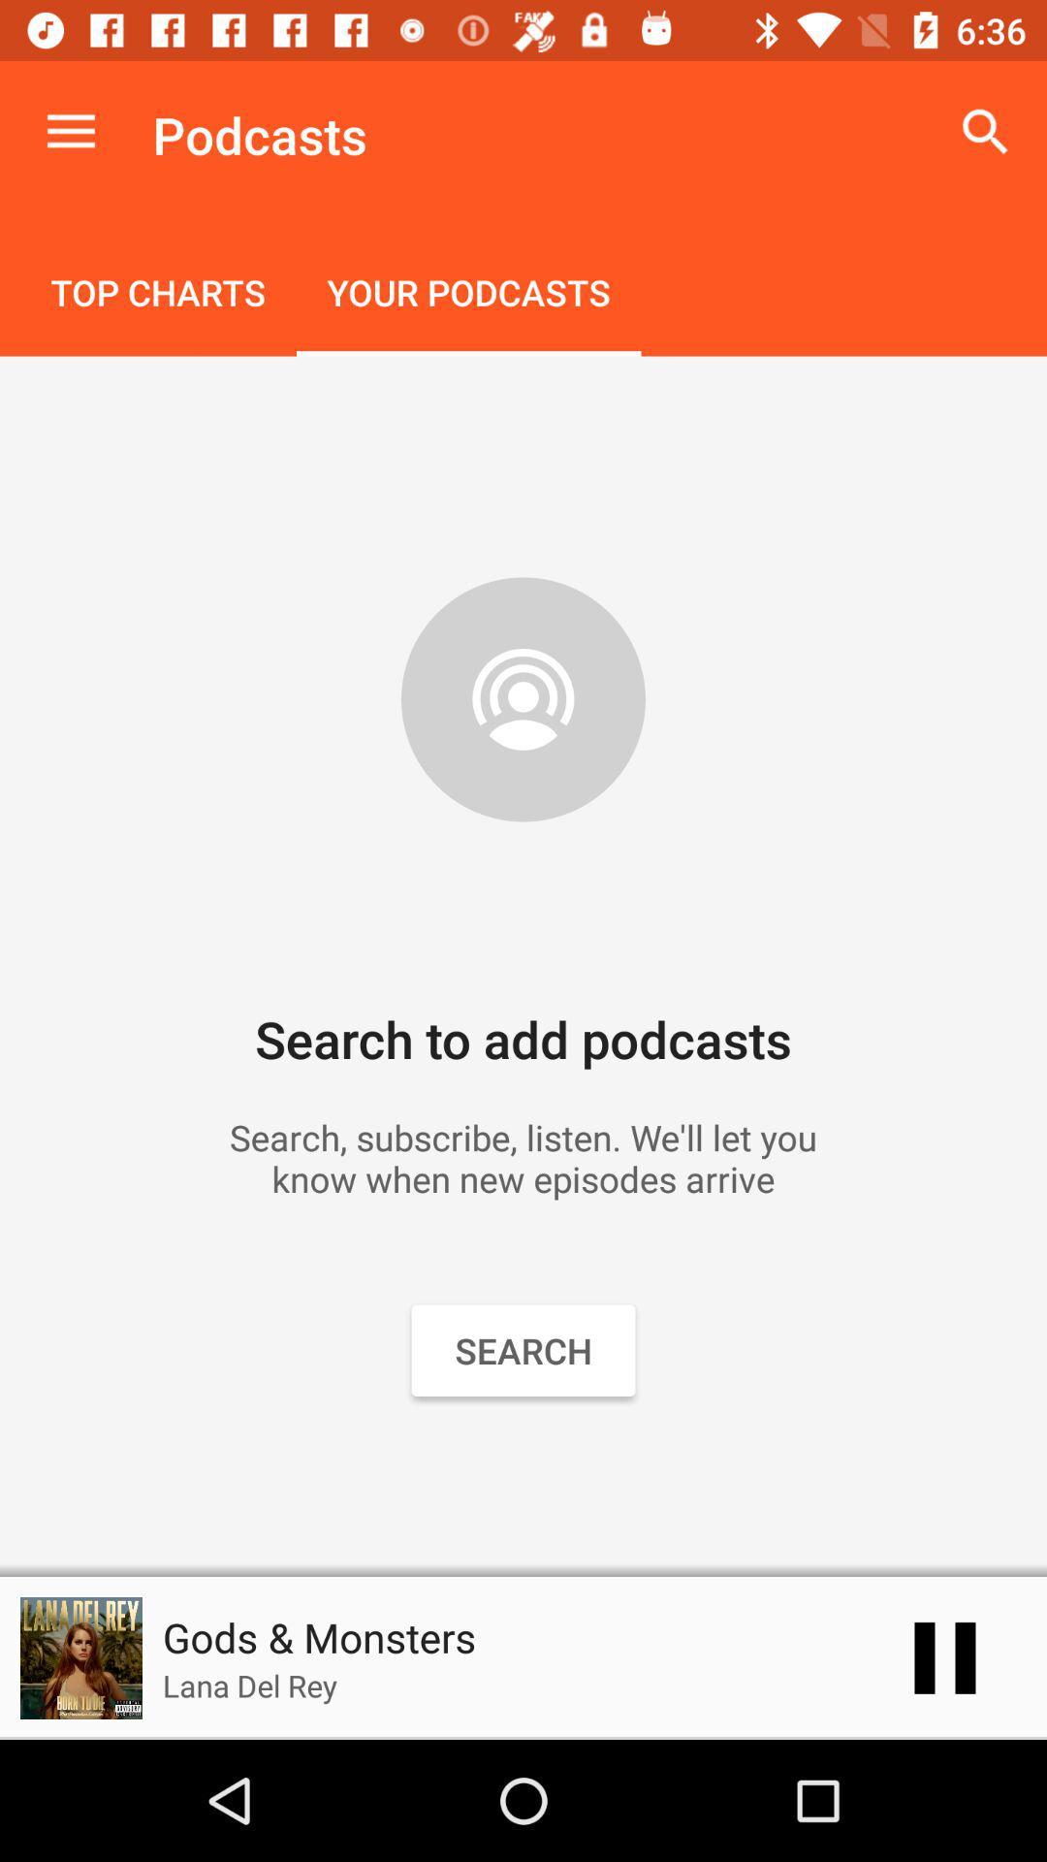 This screenshot has width=1047, height=1862. Describe the element at coordinates (468, 294) in the screenshot. I see `the your podcasts item` at that location.